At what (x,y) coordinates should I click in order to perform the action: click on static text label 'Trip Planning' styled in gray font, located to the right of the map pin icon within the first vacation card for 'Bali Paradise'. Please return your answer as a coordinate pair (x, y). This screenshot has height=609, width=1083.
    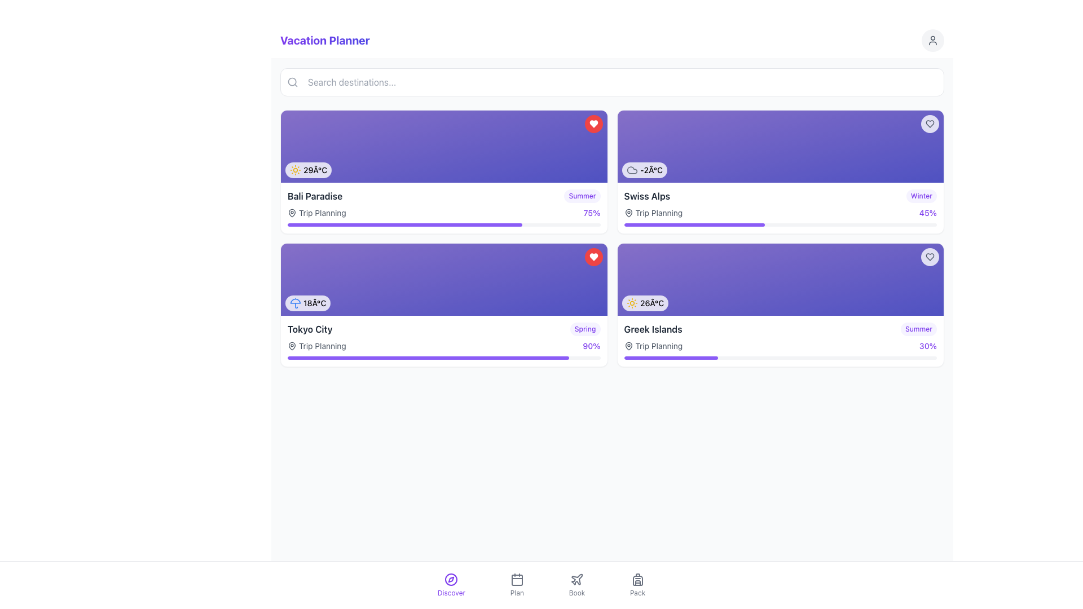
    Looking at the image, I should click on (322, 213).